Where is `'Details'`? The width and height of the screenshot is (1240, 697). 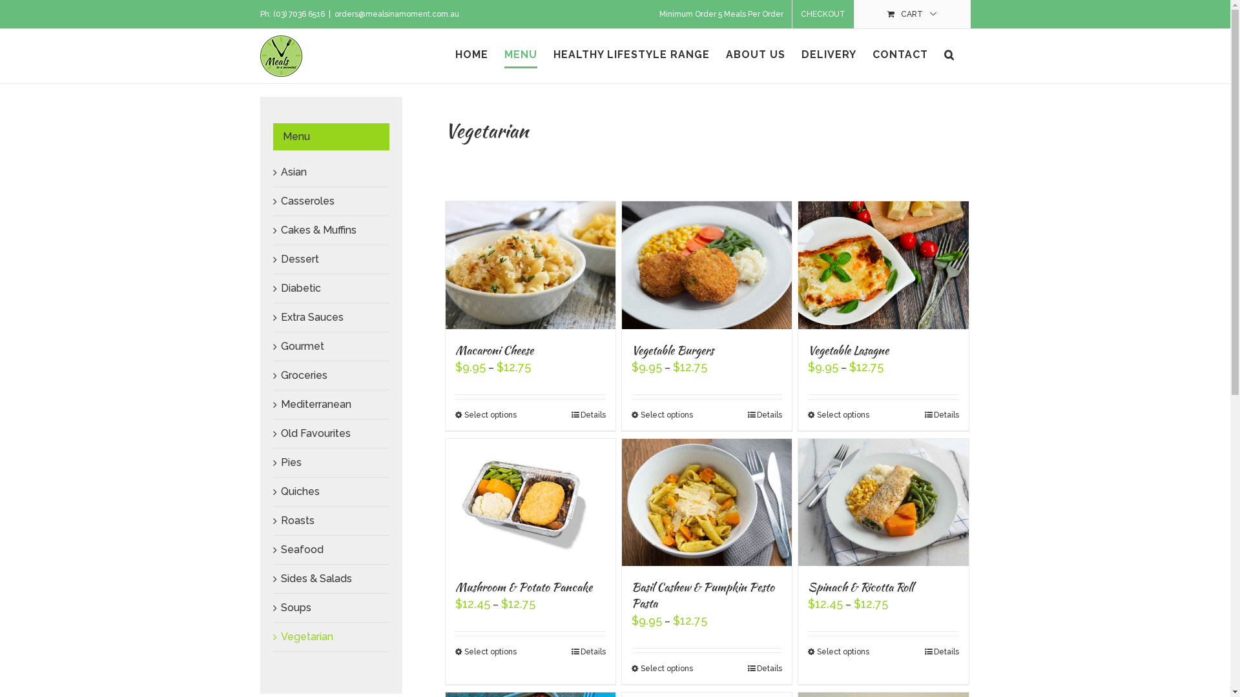 'Details' is located at coordinates (570, 652).